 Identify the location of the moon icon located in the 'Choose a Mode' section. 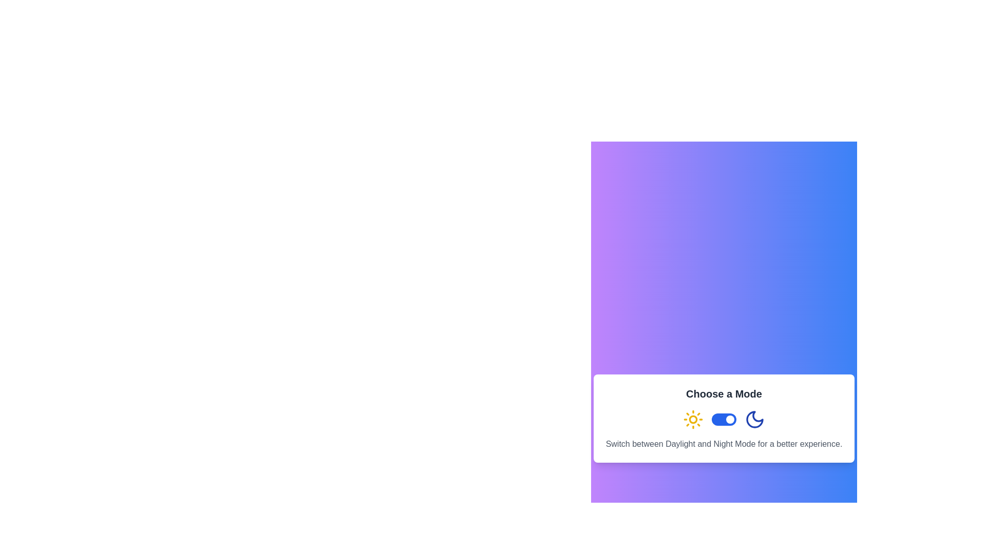
(754, 419).